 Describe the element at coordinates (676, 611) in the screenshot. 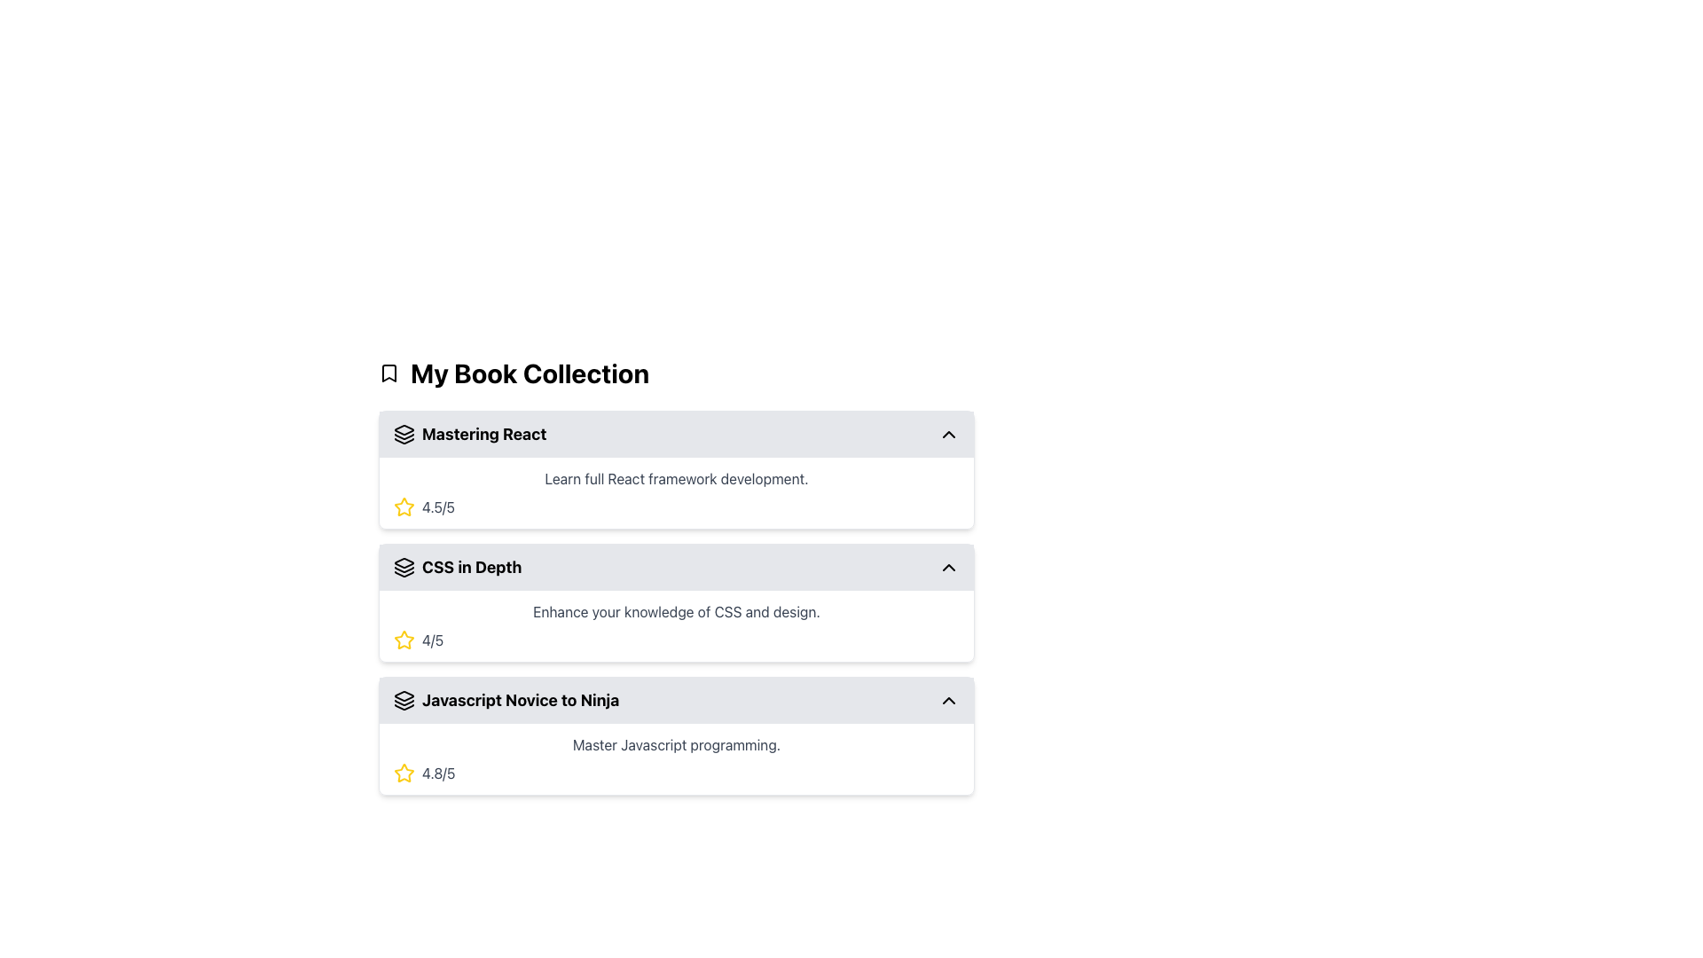

I see `text content of the label located beneath the heading 'CSS in Depth', which describes the content or purpose of the section` at that location.